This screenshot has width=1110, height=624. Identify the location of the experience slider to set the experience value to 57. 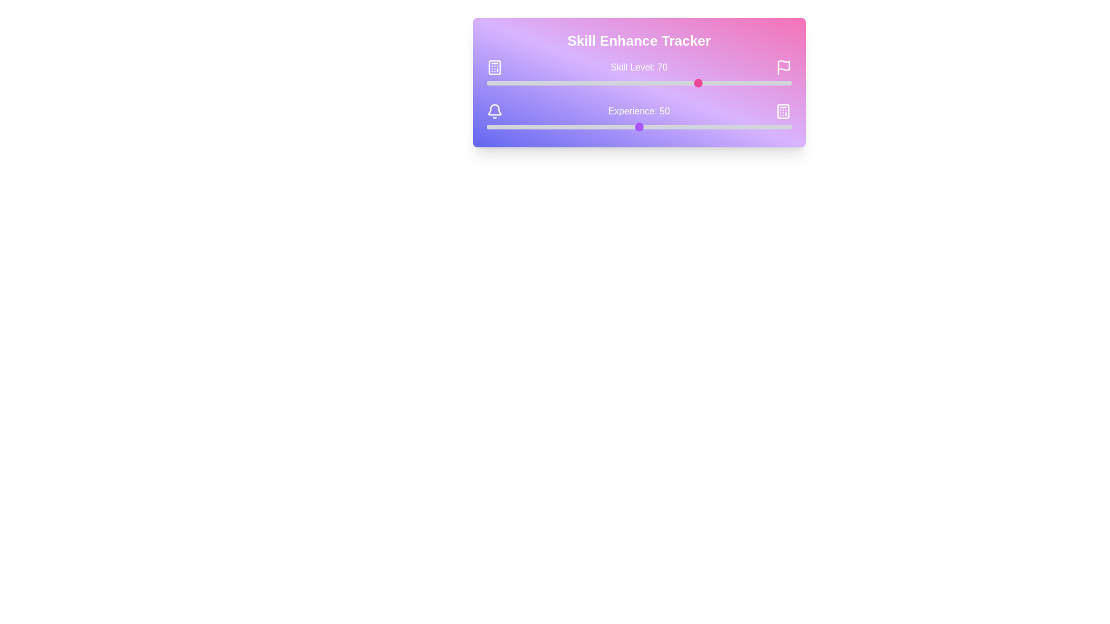
(660, 127).